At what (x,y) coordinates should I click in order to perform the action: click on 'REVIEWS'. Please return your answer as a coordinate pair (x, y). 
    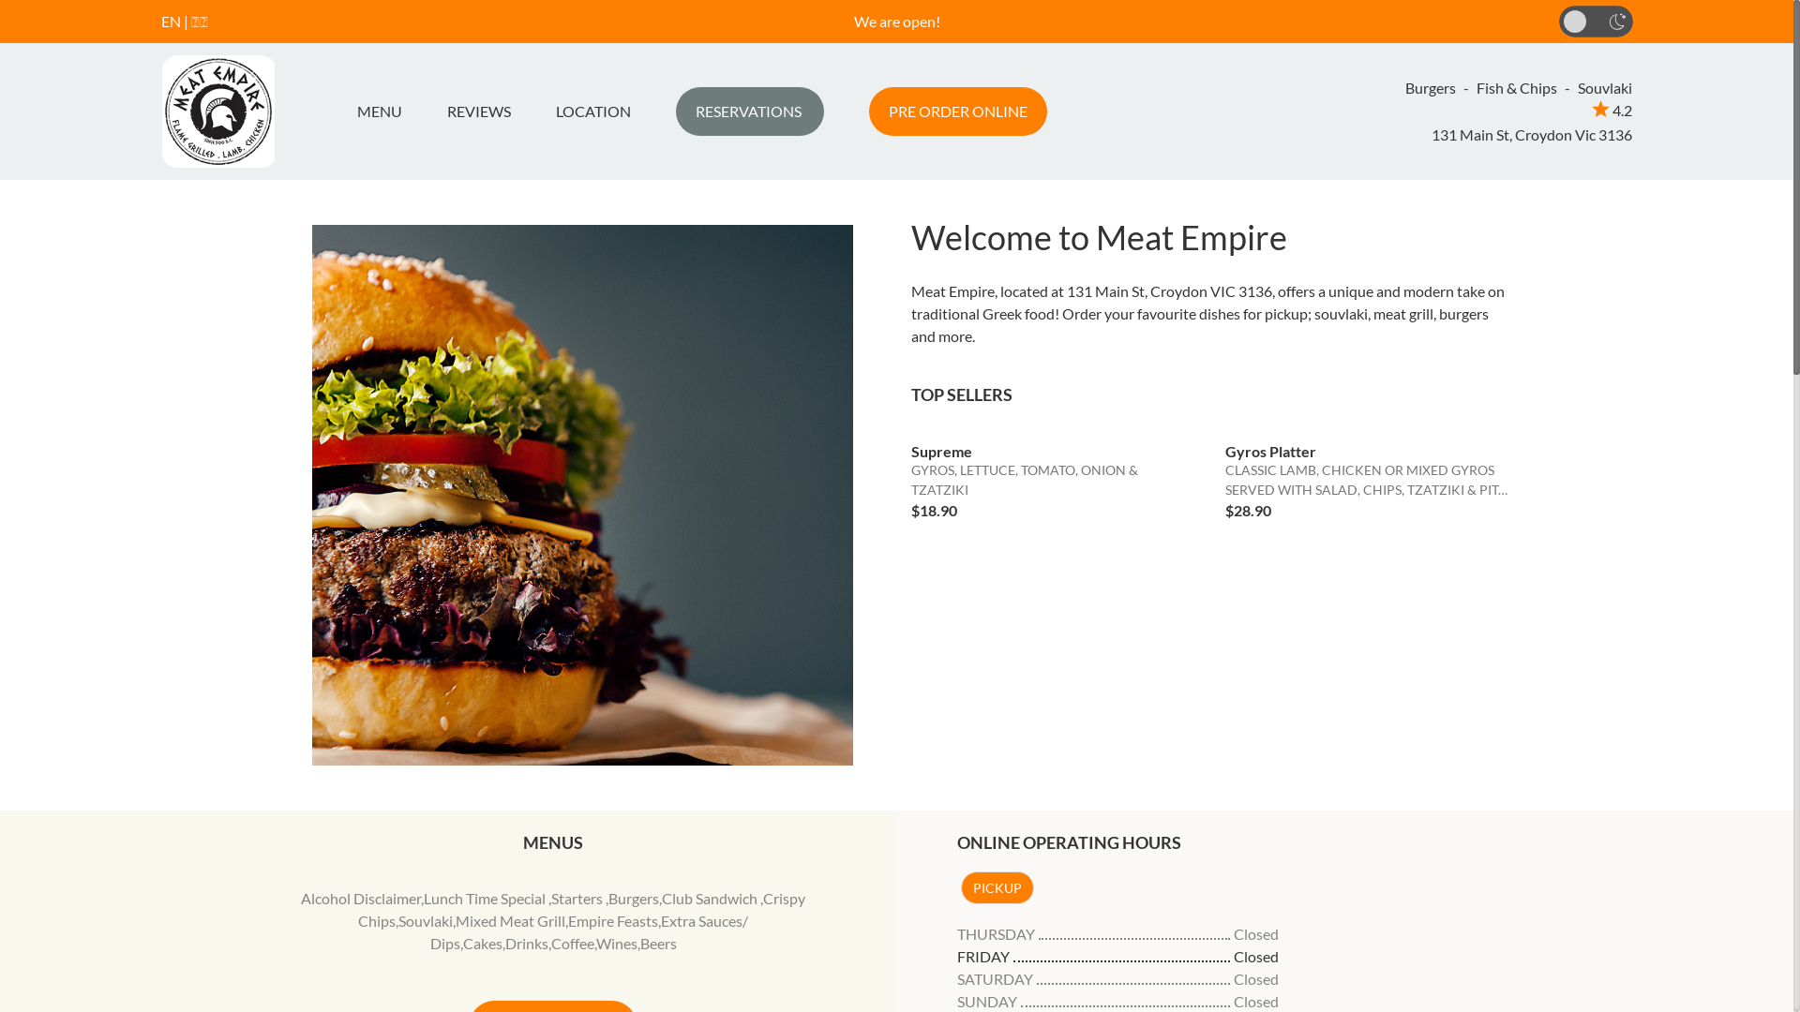
    Looking at the image, I should click on (477, 112).